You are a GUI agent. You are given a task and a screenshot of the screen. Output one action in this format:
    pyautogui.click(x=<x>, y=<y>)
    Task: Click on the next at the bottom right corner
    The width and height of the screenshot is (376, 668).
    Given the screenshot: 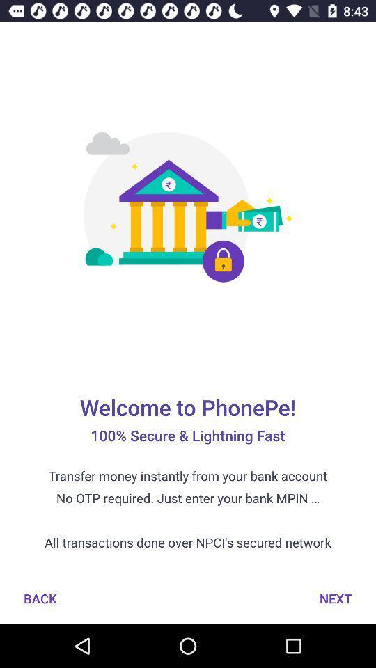 What is the action you would take?
    pyautogui.click(x=335, y=598)
    